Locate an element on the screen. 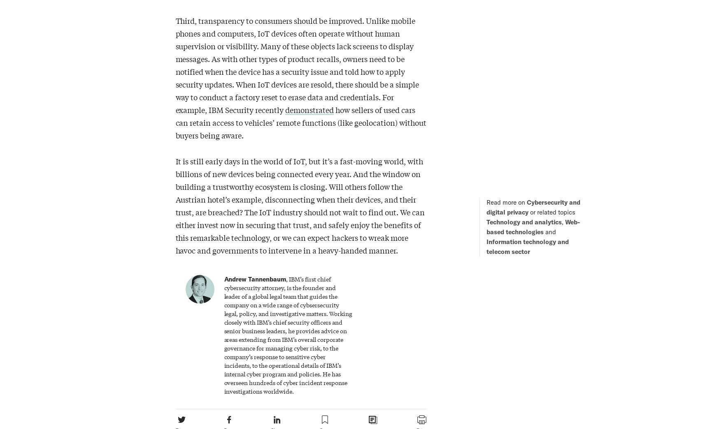 Image resolution: width=724 pixels, height=429 pixels. 'It is still early days in the world of IoT, but it’s a fast-moving world, with billions of new devices being connected every year. And the window on building a trustworthy ecosystem is closing. Will others follow the Austrian hotel’s example, disconnecting when their devices, and their trust, are breached? The IoT industry should not wait to find out. We can either invest now in securing that trust, and safely enjoy the benefits of this remarkable technology, or we can expect hackers to wreak more havoc and governments to intervene in a heavy-handed manner.' is located at coordinates (300, 205).